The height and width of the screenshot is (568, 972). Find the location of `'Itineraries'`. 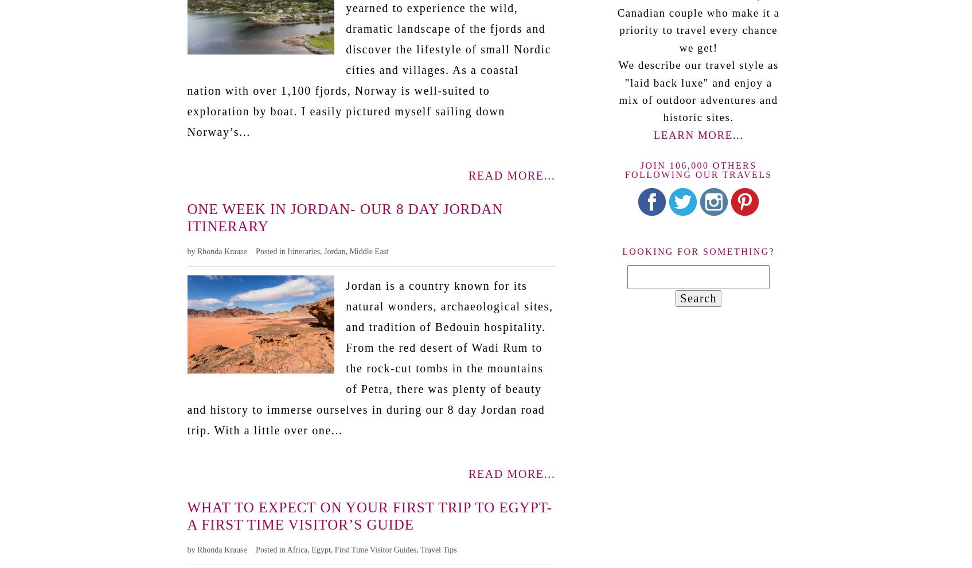

'Itineraries' is located at coordinates (303, 250).